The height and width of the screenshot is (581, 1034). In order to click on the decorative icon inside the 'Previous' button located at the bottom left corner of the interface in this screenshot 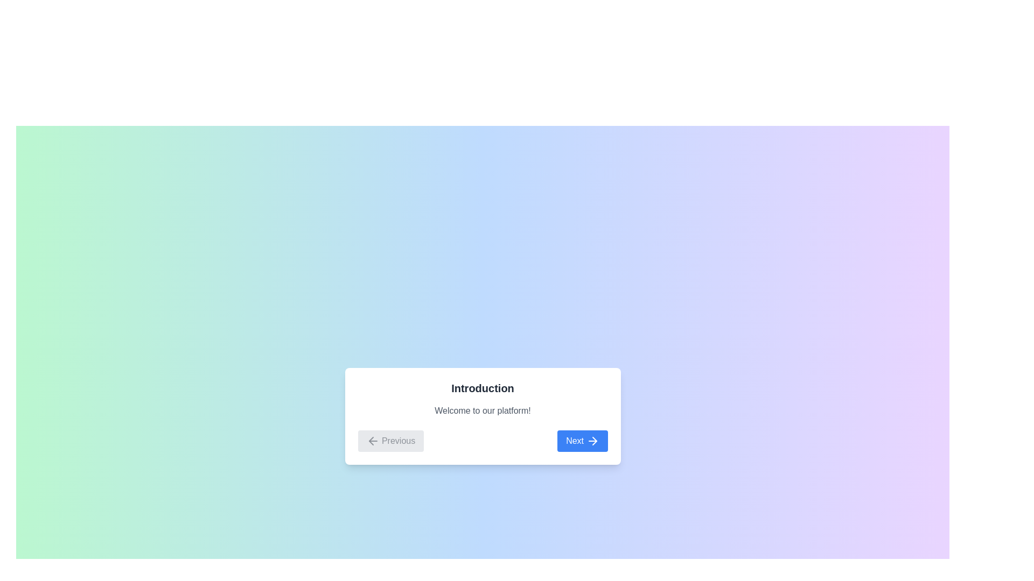, I will do `click(373, 441)`.